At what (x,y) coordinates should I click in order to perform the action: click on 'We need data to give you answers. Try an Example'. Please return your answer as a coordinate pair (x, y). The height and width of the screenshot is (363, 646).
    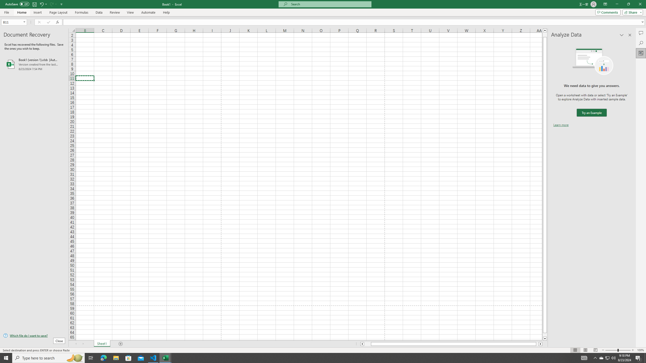
    Looking at the image, I should click on (591, 113).